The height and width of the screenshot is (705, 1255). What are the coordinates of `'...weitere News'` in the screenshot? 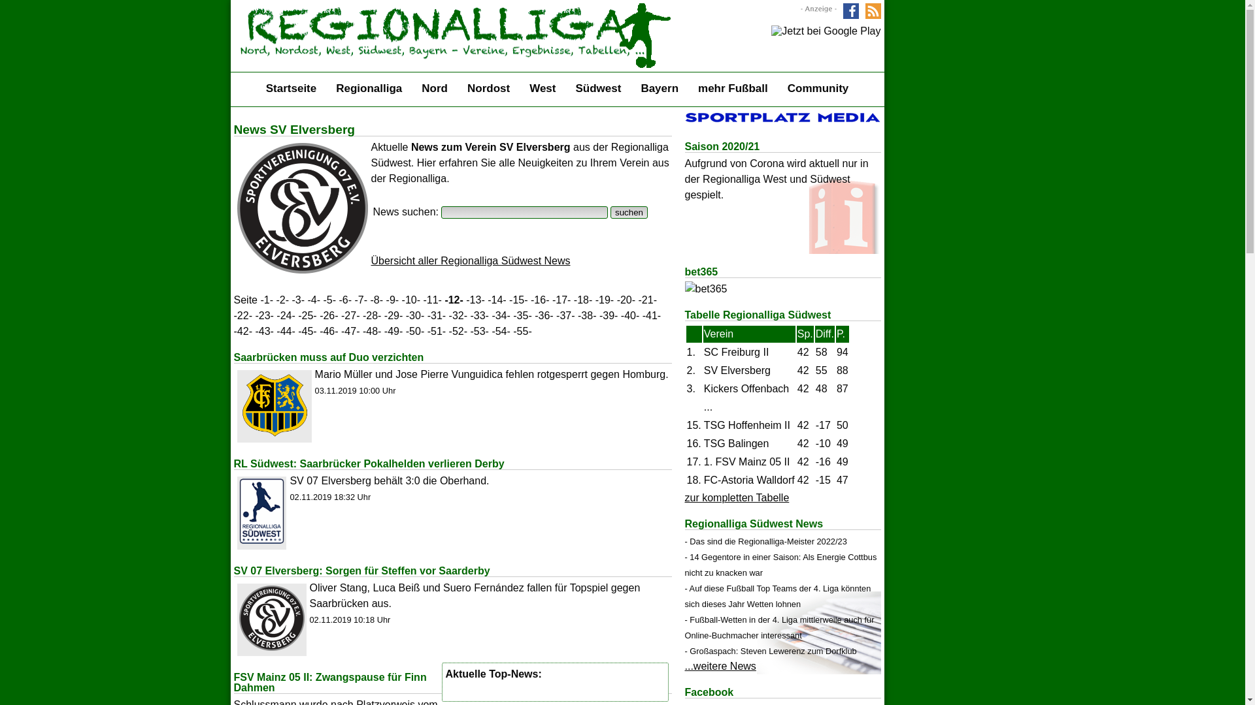 It's located at (720, 666).